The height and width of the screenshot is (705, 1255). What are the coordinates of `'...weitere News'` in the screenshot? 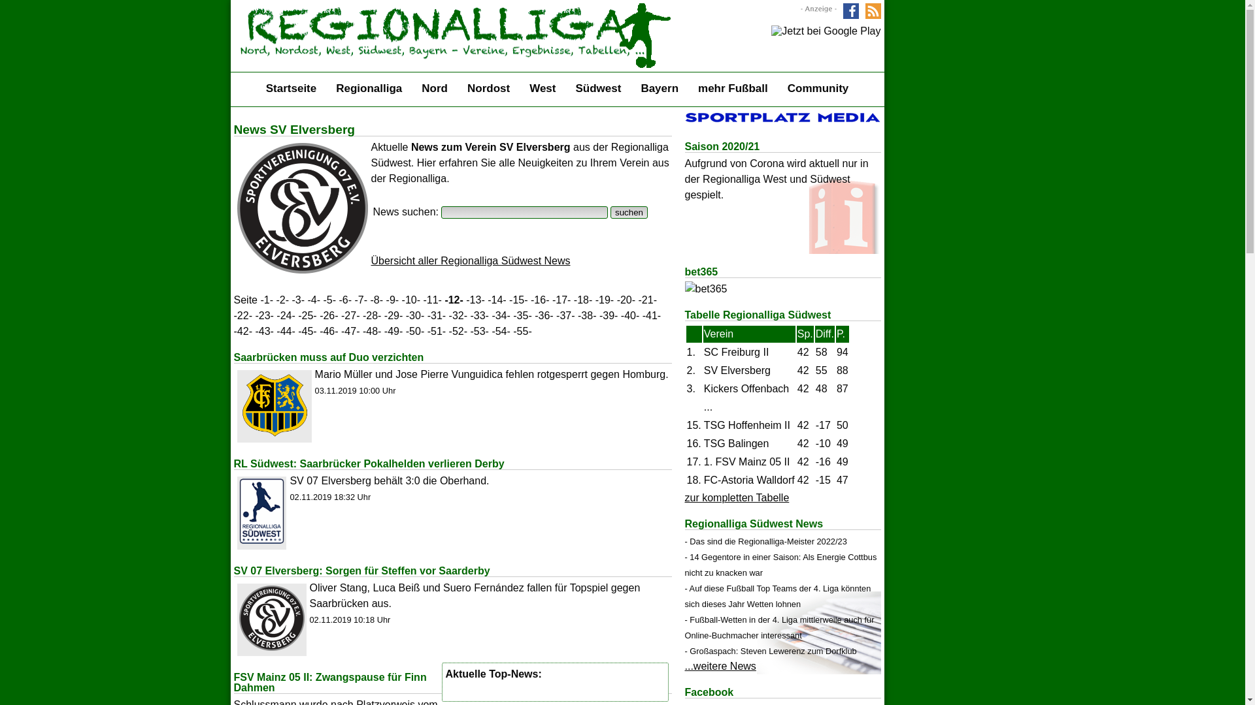 It's located at (720, 666).